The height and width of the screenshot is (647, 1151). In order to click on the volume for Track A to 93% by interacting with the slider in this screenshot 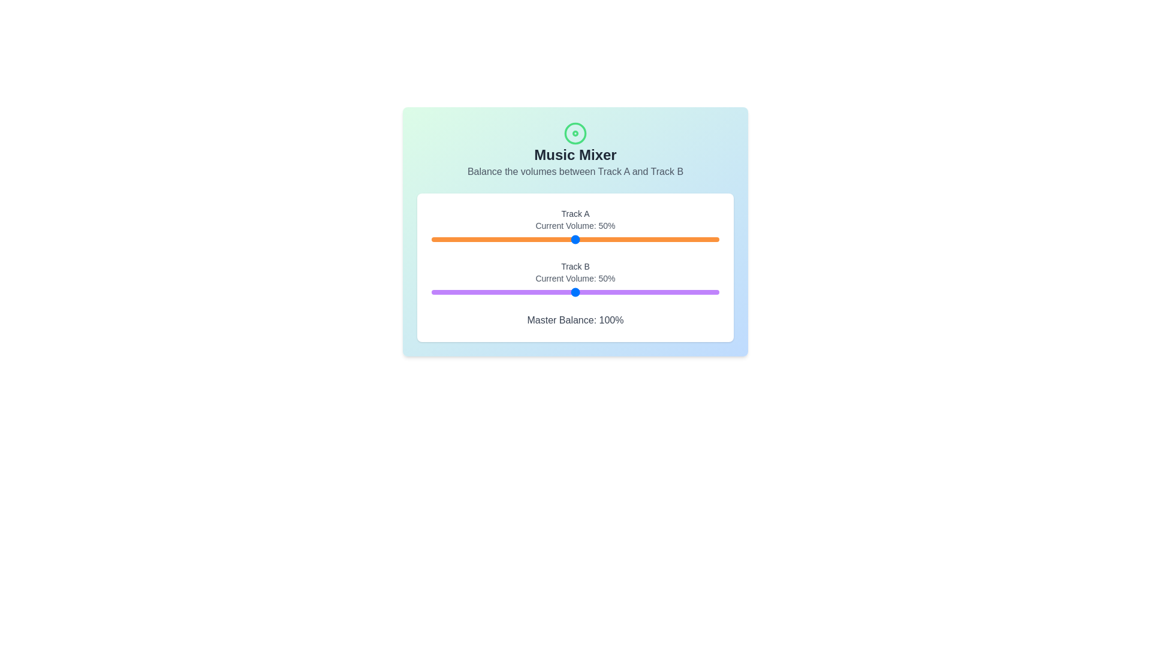, I will do `click(699, 240)`.